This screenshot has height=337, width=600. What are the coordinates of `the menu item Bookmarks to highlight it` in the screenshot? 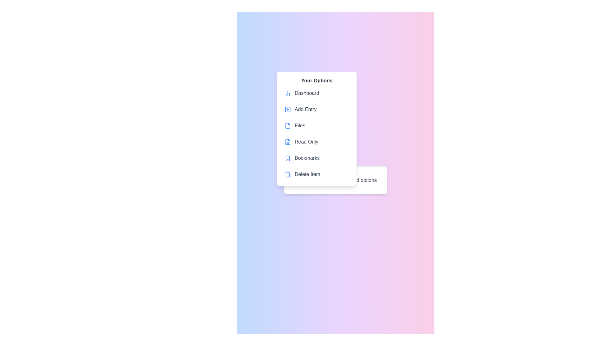 It's located at (317, 158).